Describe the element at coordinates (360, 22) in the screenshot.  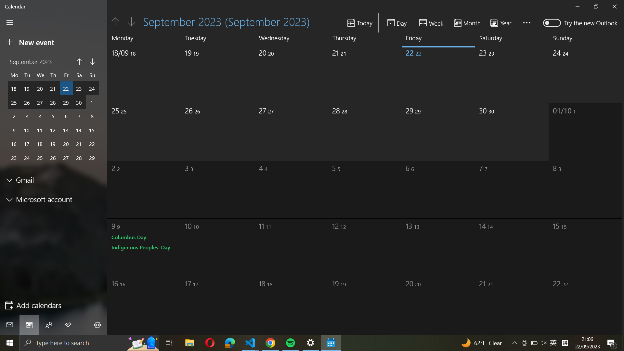
I see `the current date` at that location.